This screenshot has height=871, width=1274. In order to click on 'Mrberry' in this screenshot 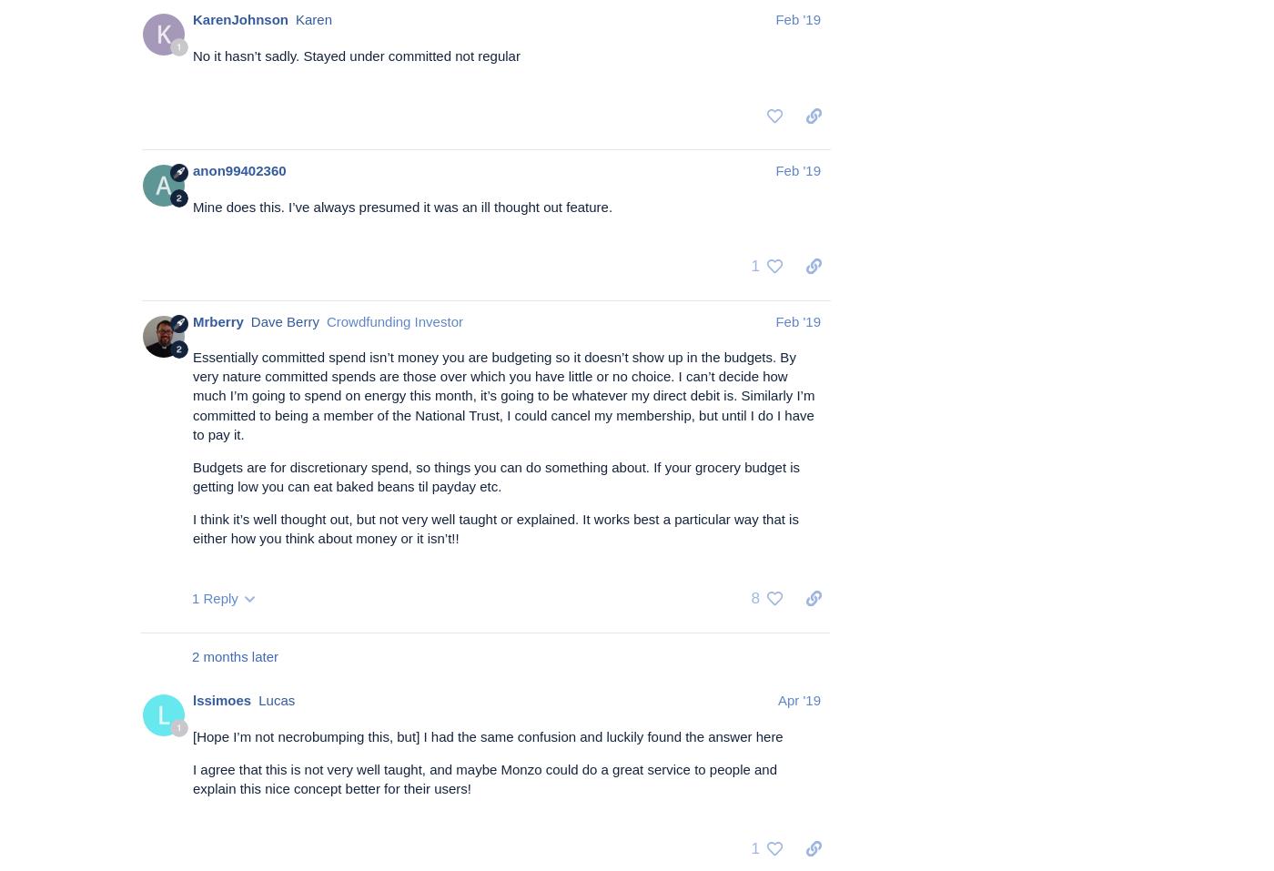, I will do `click(217, 320)`.